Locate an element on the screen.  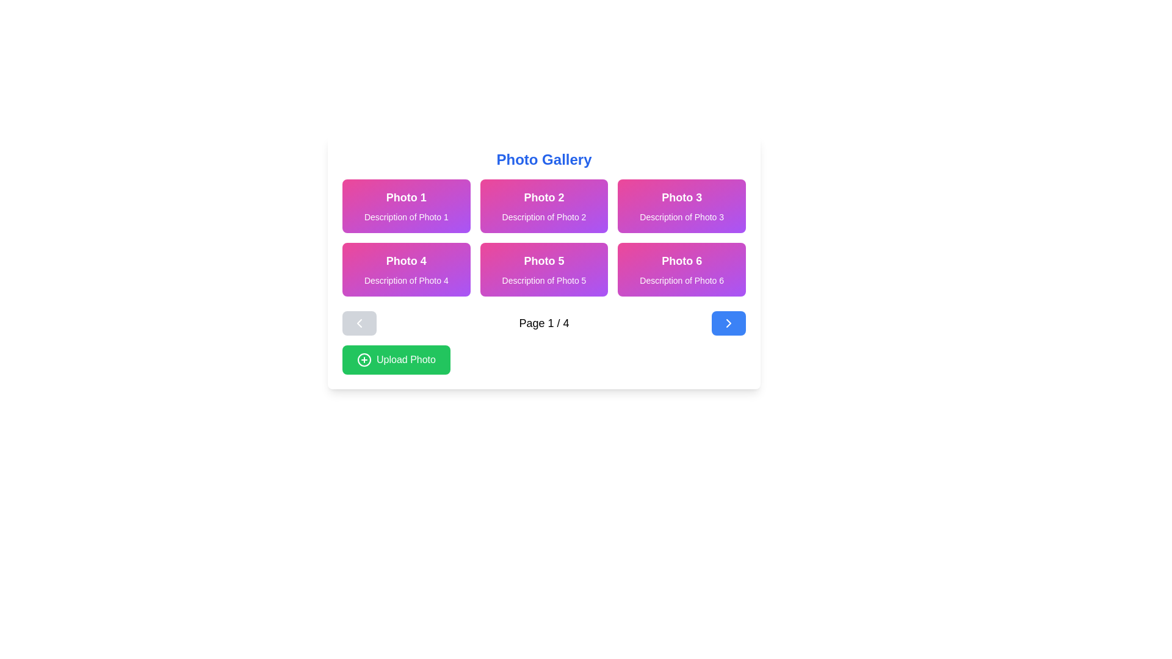
text label 'Description of Photo 3' located at the bottom of the 'Photo 3' card, which is styled with a small font and positioned centrally in the top-right corner of the grid layout is located at coordinates (681, 216).